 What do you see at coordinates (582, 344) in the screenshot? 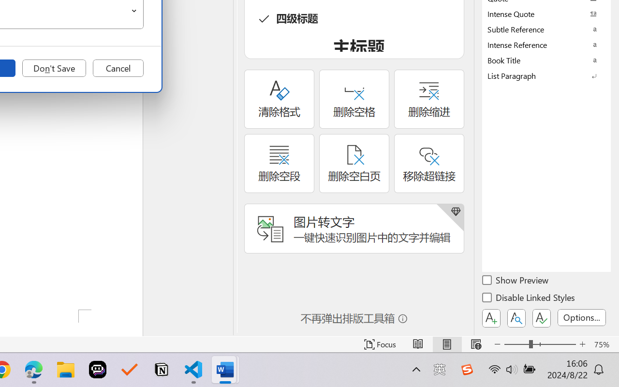
I see `'Zoom In'` at bounding box center [582, 344].